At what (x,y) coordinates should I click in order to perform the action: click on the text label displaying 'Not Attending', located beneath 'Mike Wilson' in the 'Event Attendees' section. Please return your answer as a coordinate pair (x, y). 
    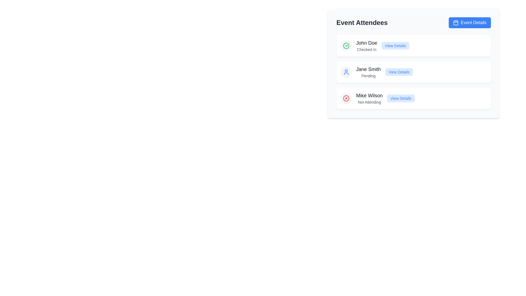
    Looking at the image, I should click on (369, 102).